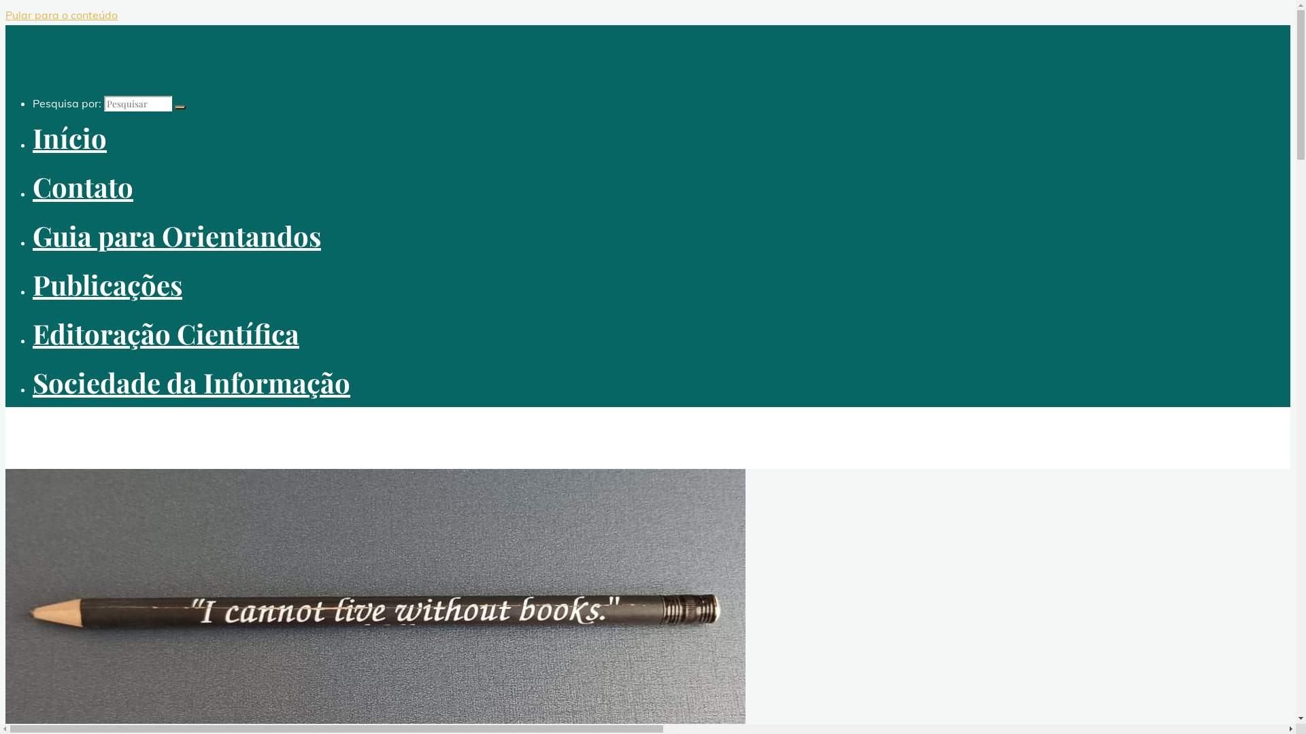  I want to click on 'enriquemuriel.com', so click(68, 430).